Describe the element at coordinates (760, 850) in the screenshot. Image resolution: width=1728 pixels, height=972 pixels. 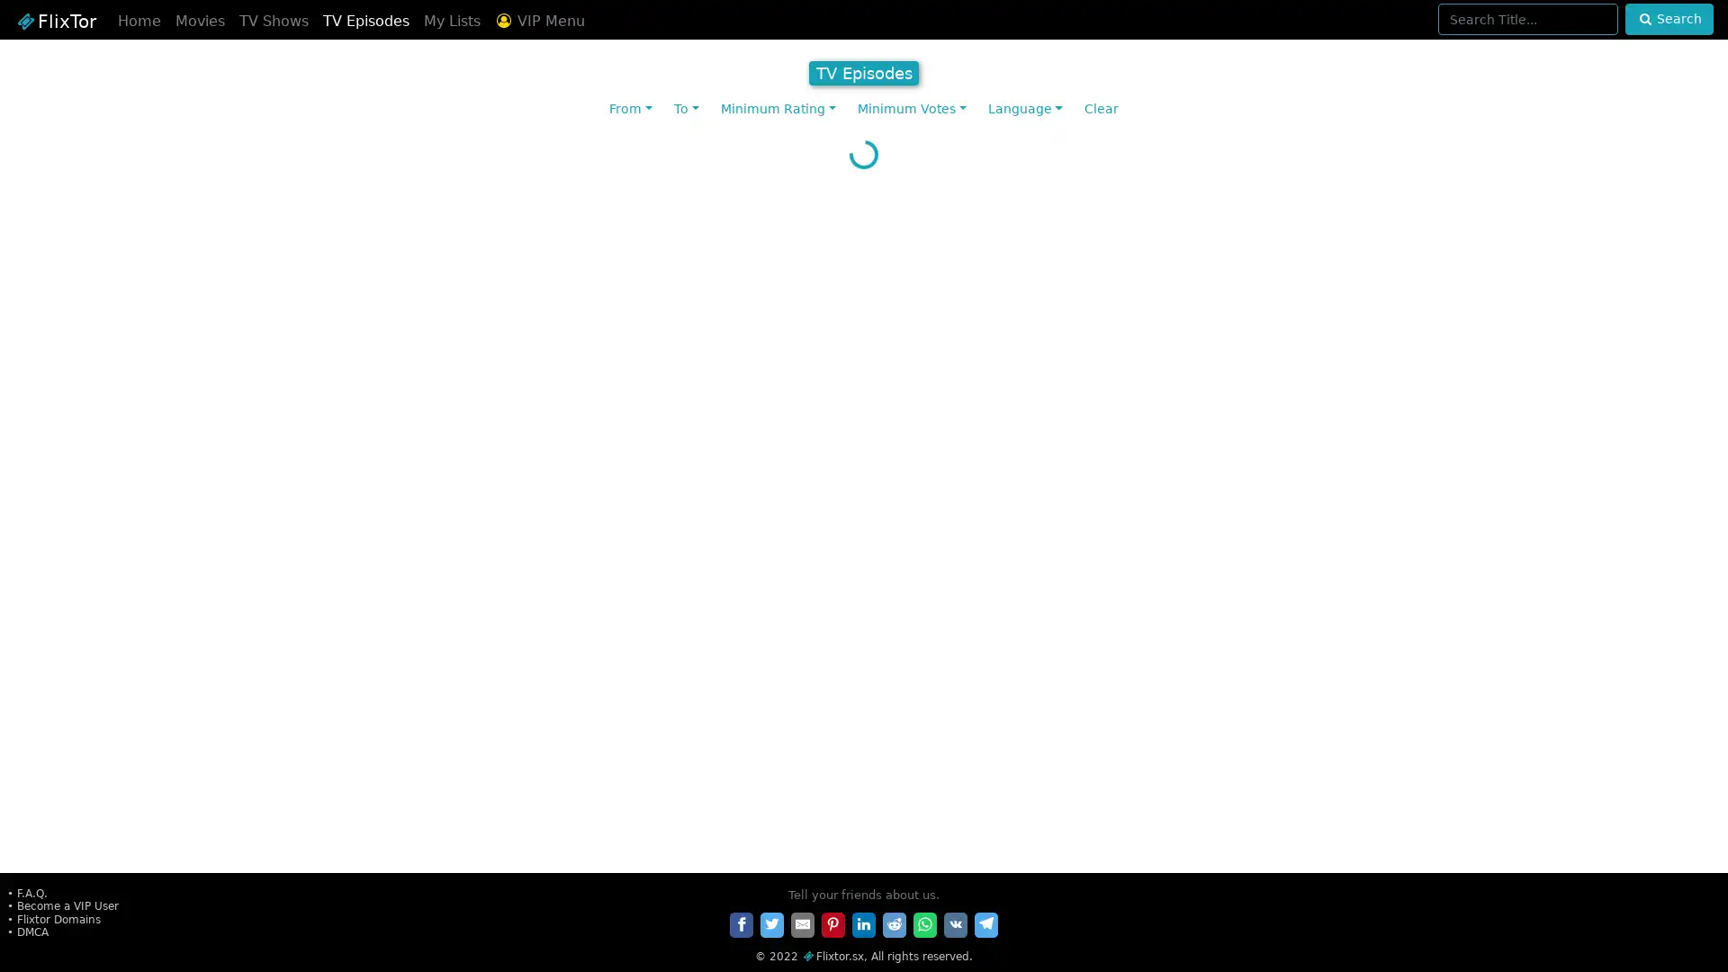
I see `Watch Now` at that location.